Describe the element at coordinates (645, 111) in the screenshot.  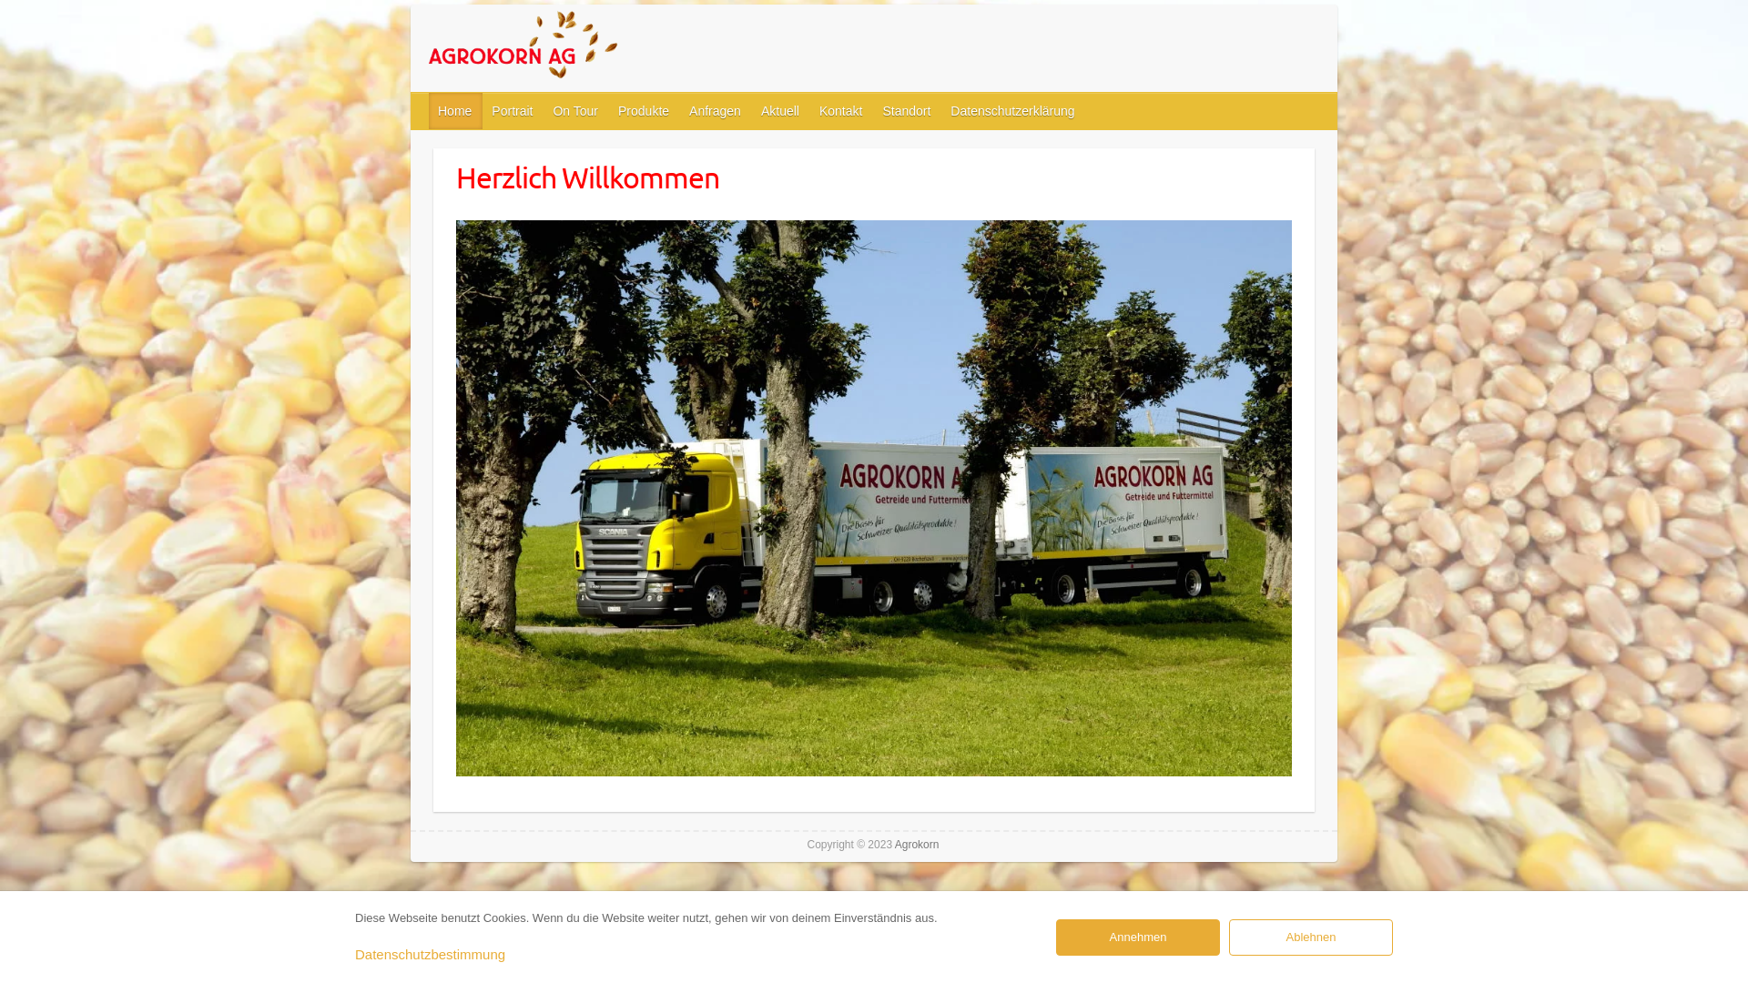
I see `'Produkte'` at that location.